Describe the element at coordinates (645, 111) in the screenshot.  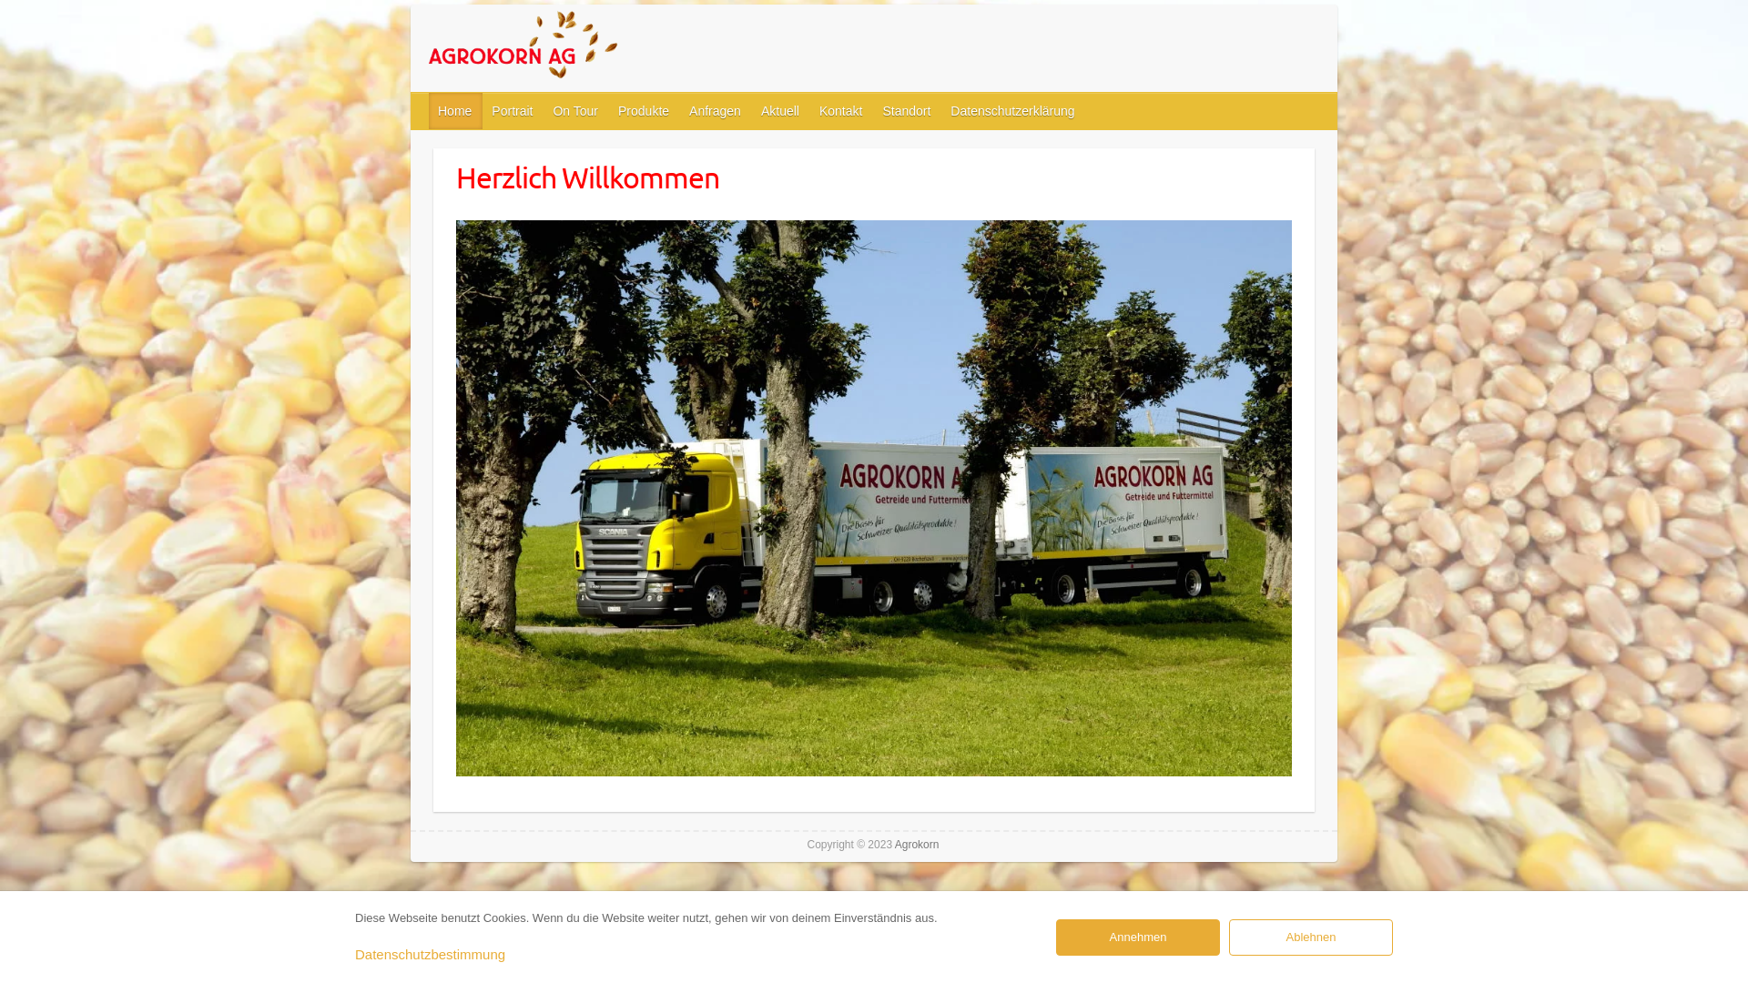
I see `'Produkte'` at that location.